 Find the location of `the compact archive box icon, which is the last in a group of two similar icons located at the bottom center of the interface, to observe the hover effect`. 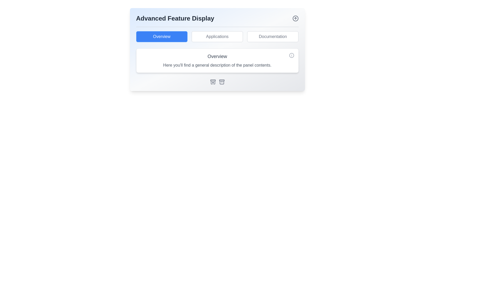

the compact archive box icon, which is the last in a group of two similar icons located at the bottom center of the interface, to observe the hover effect is located at coordinates (222, 82).